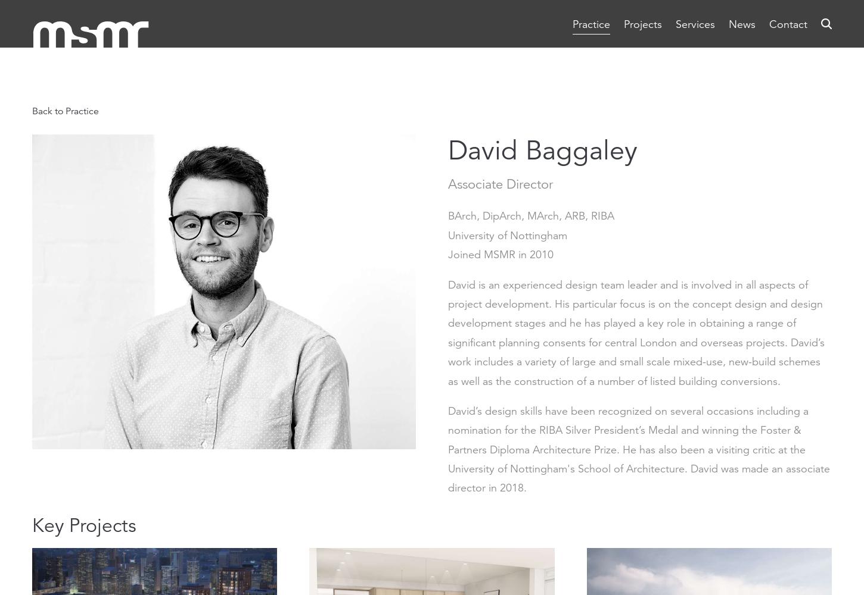  I want to click on 'Joined MSMR in 2010', so click(501, 255).